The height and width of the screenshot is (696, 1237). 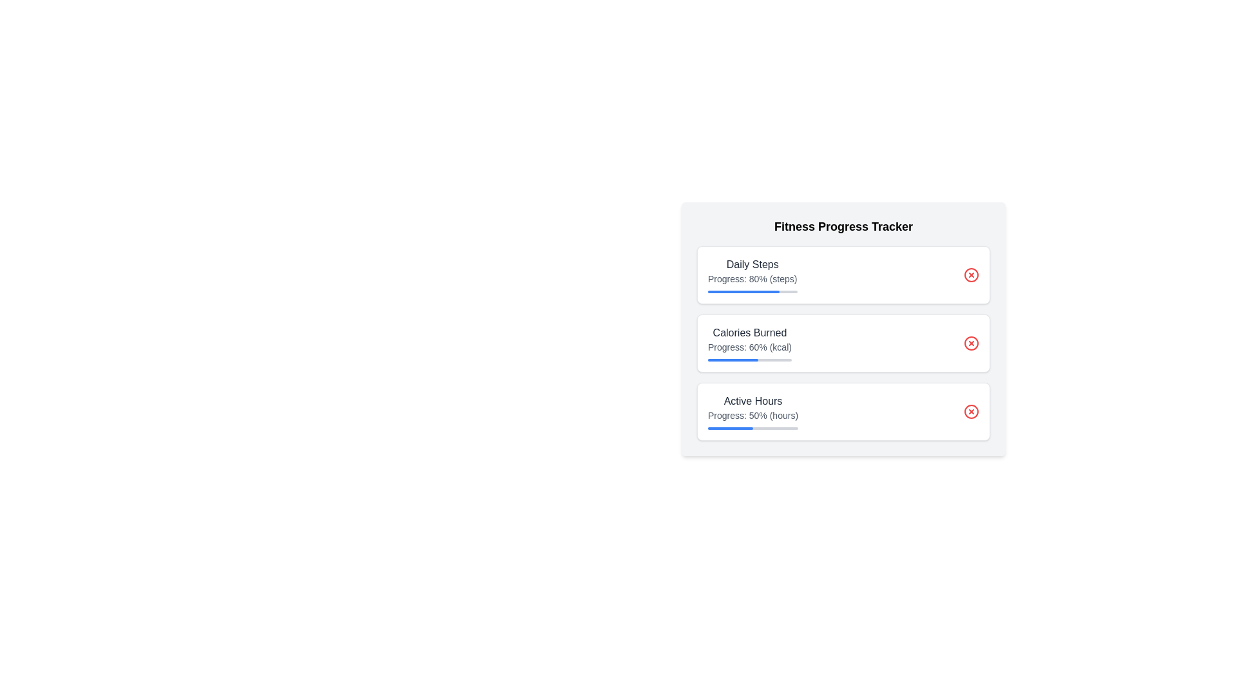 I want to click on the progress bar indicating 60% completion for the 'Calories Burned' metric in the fitness tracker card, so click(x=733, y=360).